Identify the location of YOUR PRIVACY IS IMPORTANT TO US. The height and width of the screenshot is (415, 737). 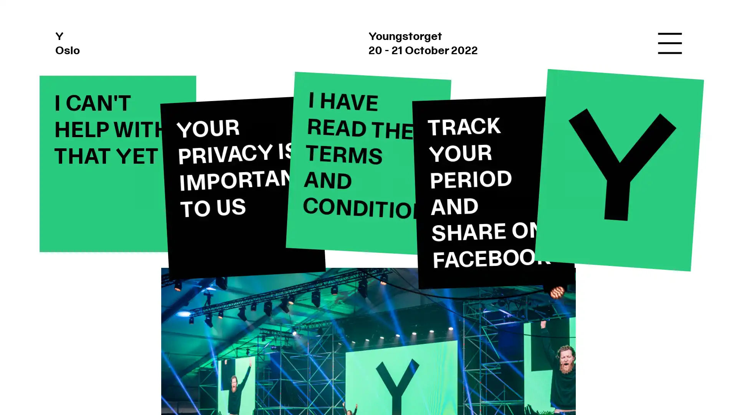
(243, 188).